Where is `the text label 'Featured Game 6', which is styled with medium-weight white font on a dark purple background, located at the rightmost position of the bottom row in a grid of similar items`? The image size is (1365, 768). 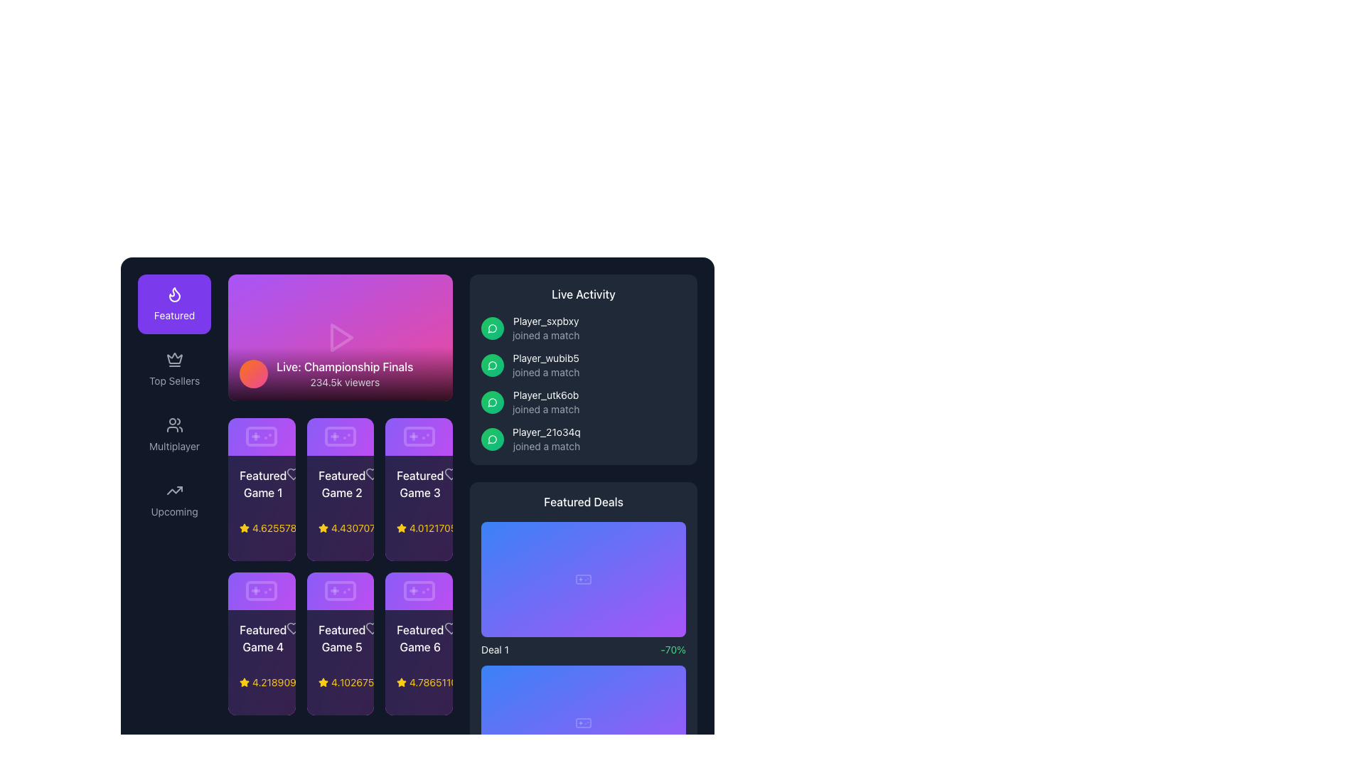
the text label 'Featured Game 6', which is styled with medium-weight white font on a dark purple background, located at the rightmost position of the bottom row in a grid of similar items is located at coordinates (419, 638).